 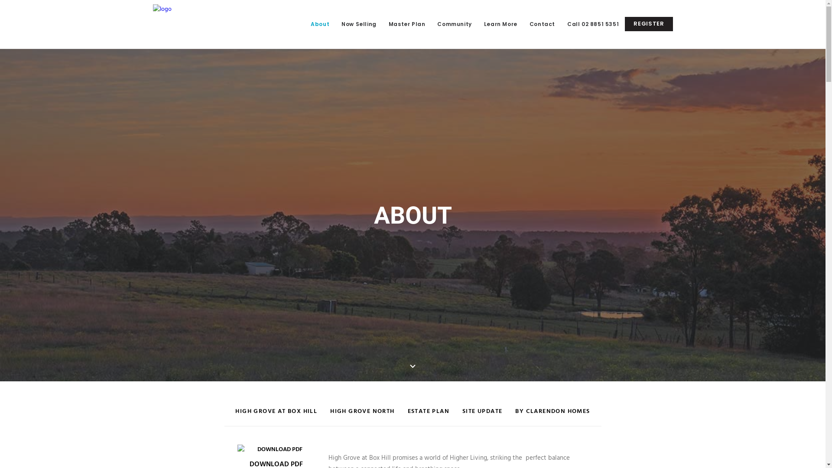 I want to click on 'Community', so click(x=454, y=24).